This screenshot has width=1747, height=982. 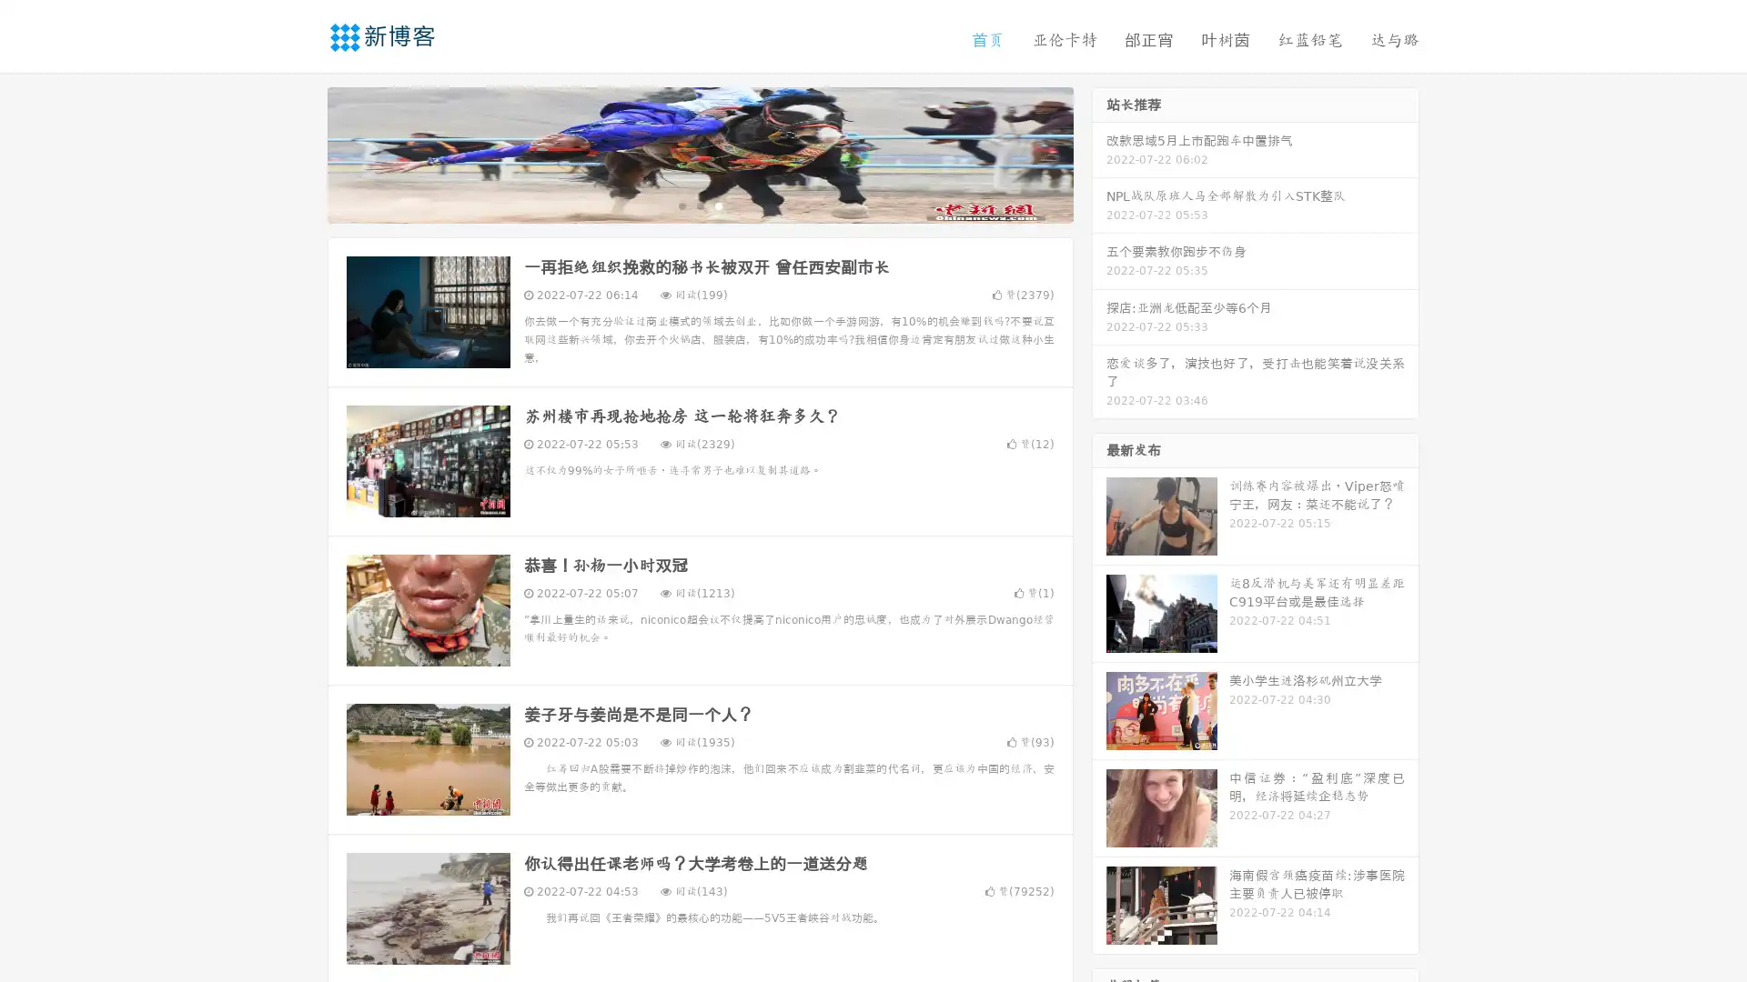 What do you see at coordinates (718, 205) in the screenshot?
I see `Go to slide 3` at bounding box center [718, 205].